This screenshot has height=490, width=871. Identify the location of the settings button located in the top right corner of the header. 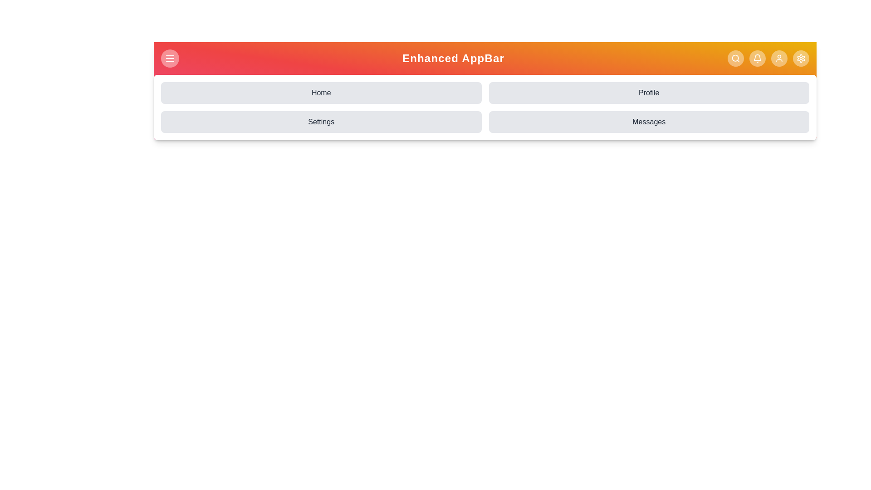
(801, 58).